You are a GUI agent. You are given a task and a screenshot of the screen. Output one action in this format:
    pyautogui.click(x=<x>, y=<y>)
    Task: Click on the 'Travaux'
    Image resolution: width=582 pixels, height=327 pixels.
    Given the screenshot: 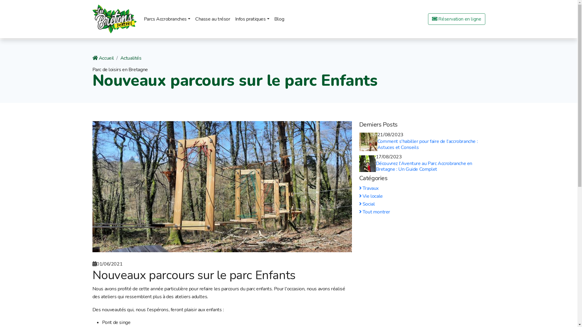 What is the action you would take?
    pyautogui.click(x=359, y=188)
    